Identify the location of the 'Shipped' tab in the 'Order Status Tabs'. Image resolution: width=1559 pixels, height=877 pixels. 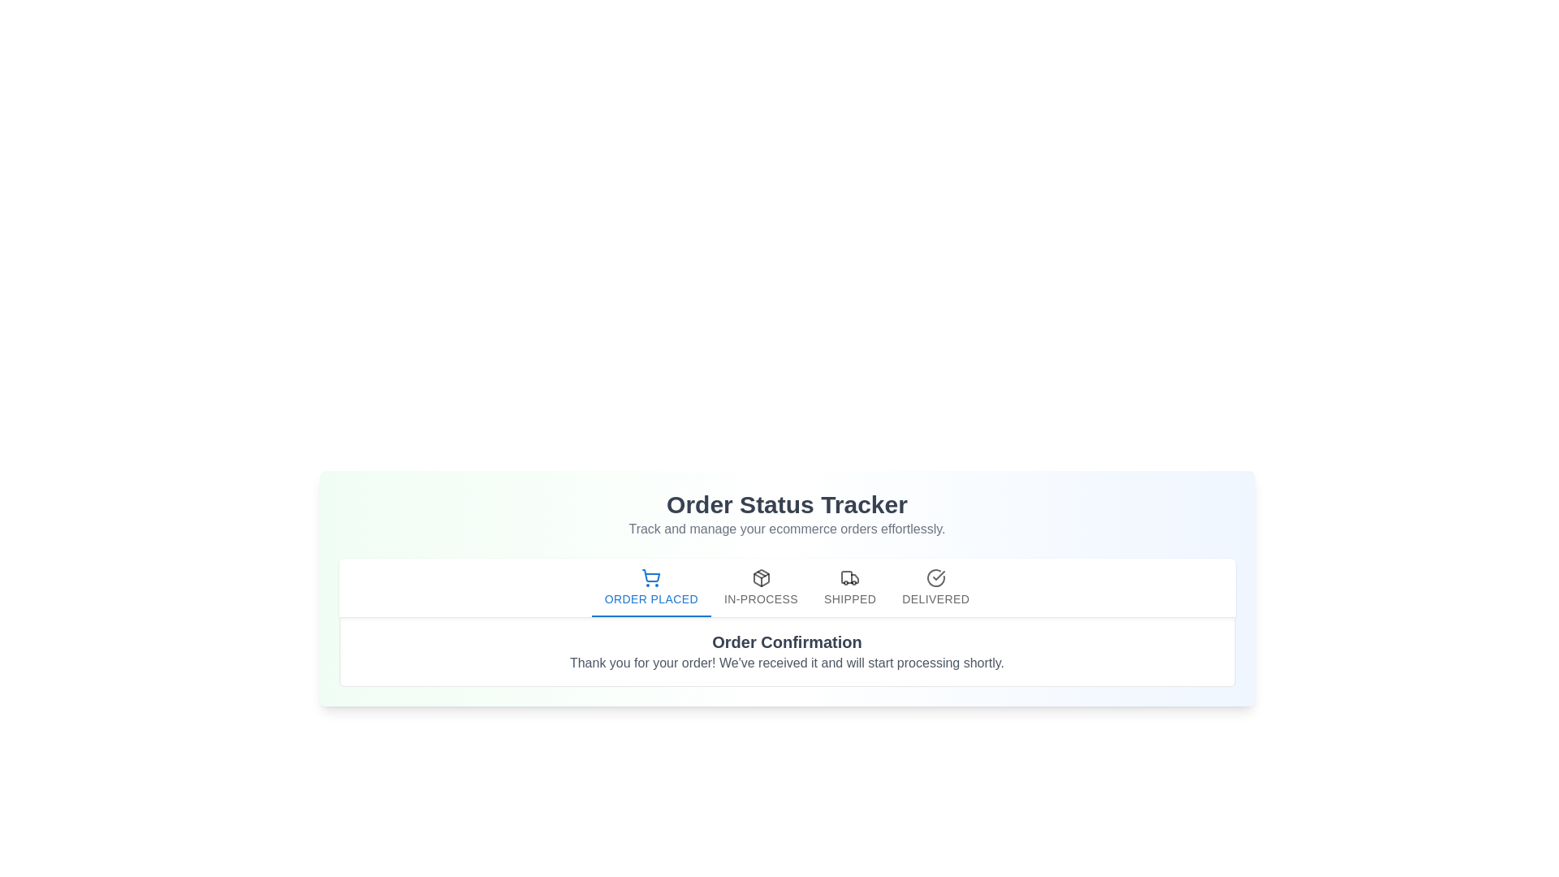
(849, 588).